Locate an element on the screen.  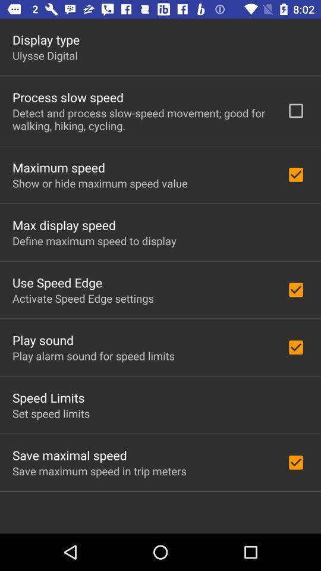
icon below set speed limits is located at coordinates (70, 454).